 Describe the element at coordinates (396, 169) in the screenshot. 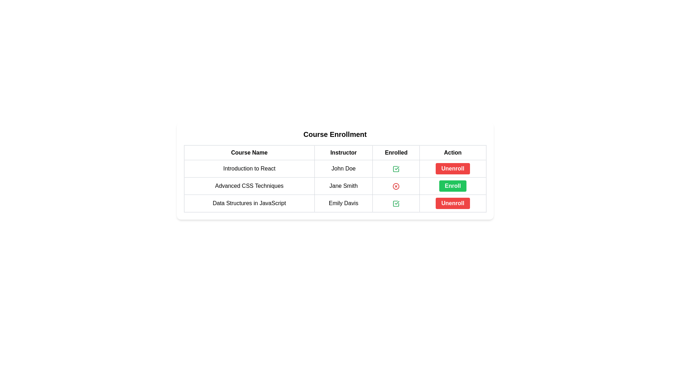

I see `the checkbox-like visual indicator represented by a green square with a checkmark, located under the 'Enrolled' header in the first row of the table, aligned with 'Introduction to React' and 'John Doe'` at that location.